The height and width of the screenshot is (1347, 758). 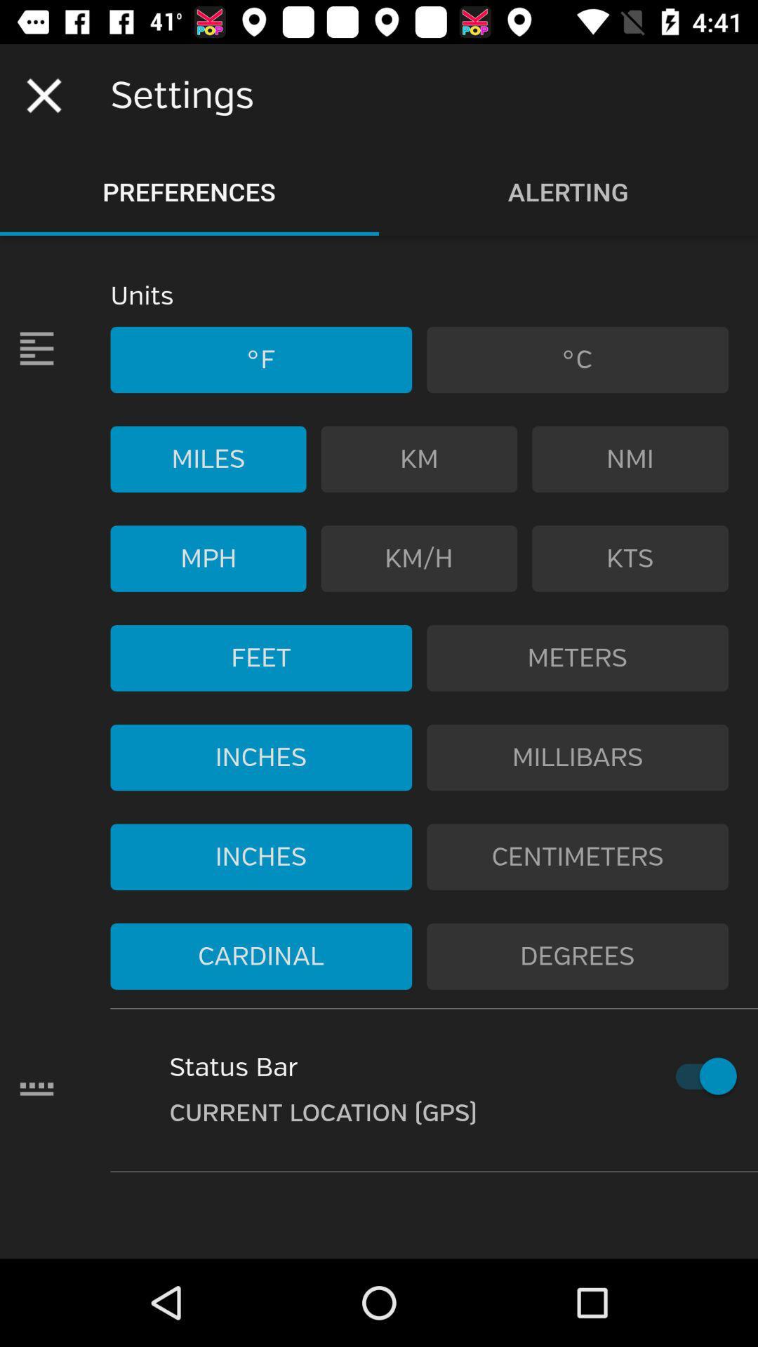 What do you see at coordinates (578, 856) in the screenshot?
I see `item below millibars item` at bounding box center [578, 856].